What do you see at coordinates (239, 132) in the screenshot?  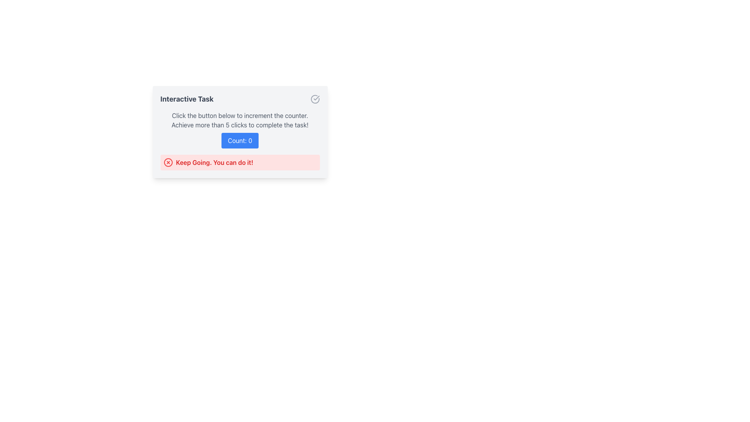 I see `the interactive button within the gray rounded corner panel to increment the counter` at bounding box center [239, 132].